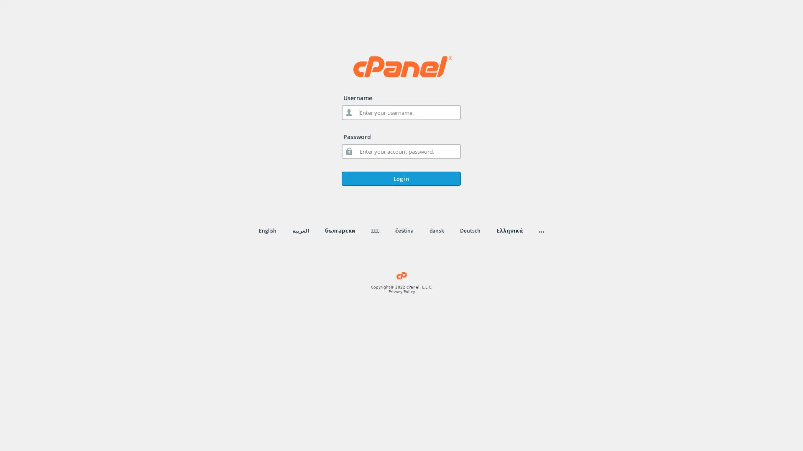 Image resolution: width=803 pixels, height=451 pixels. What do you see at coordinates (401, 178) in the screenshot?
I see `Log in` at bounding box center [401, 178].